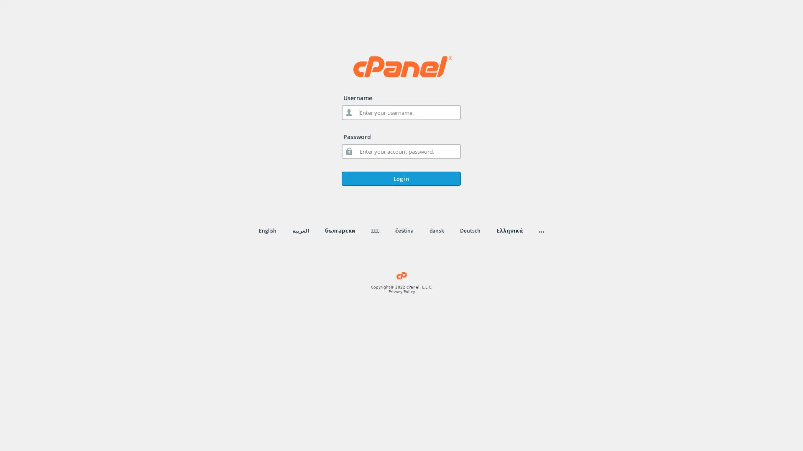 Image resolution: width=803 pixels, height=451 pixels. What do you see at coordinates (401, 178) in the screenshot?
I see `Log in` at bounding box center [401, 178].